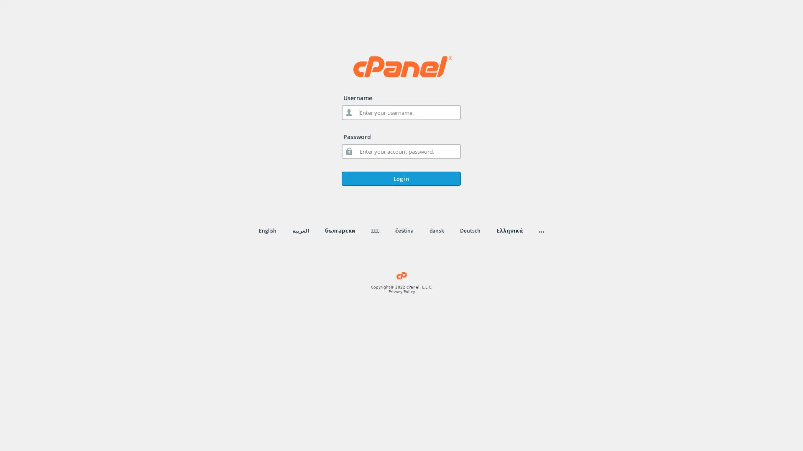 Image resolution: width=803 pixels, height=451 pixels. What do you see at coordinates (401, 178) in the screenshot?
I see `Log in` at bounding box center [401, 178].